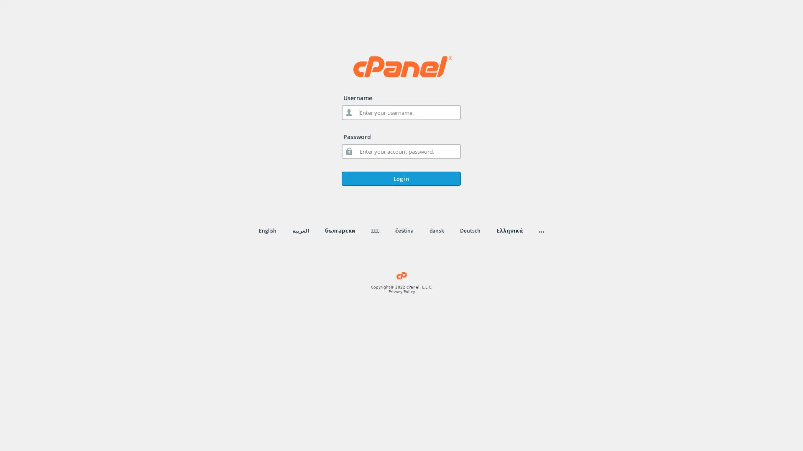 Image resolution: width=803 pixels, height=451 pixels. What do you see at coordinates (401, 178) in the screenshot?
I see `Log in` at bounding box center [401, 178].